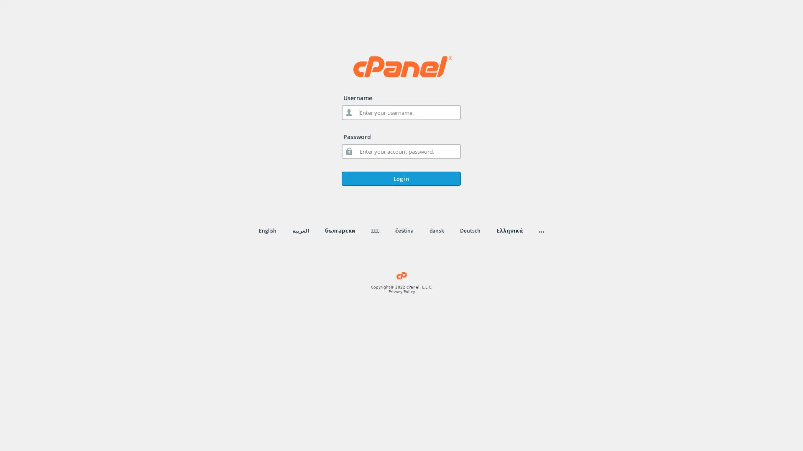 Image resolution: width=803 pixels, height=451 pixels. What do you see at coordinates (401, 178) in the screenshot?
I see `Log in` at bounding box center [401, 178].